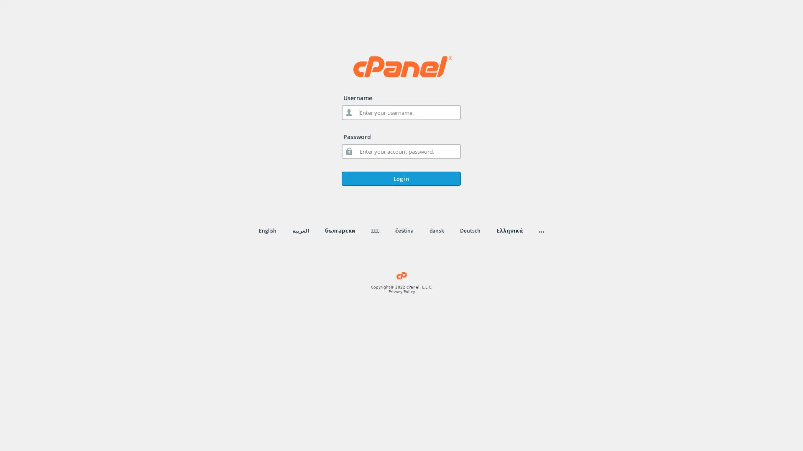 Image resolution: width=803 pixels, height=451 pixels. What do you see at coordinates (401, 178) in the screenshot?
I see `Log in` at bounding box center [401, 178].